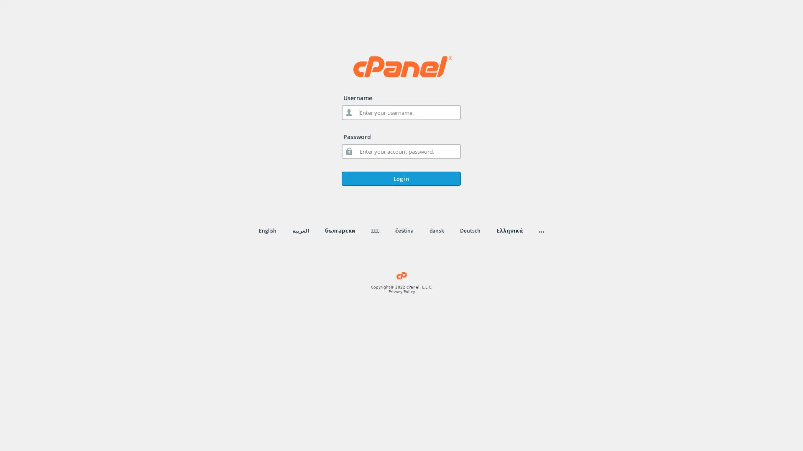 Image resolution: width=803 pixels, height=451 pixels. What do you see at coordinates (401, 178) in the screenshot?
I see `Log in` at bounding box center [401, 178].